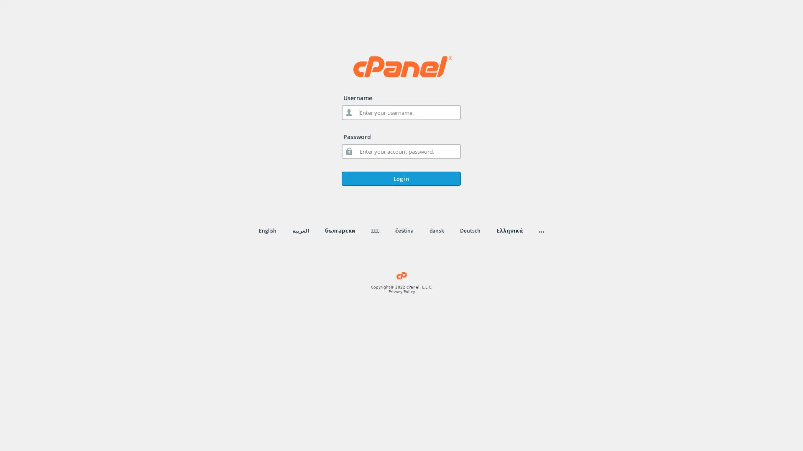 Image resolution: width=803 pixels, height=451 pixels. What do you see at coordinates (401, 178) in the screenshot?
I see `Log in` at bounding box center [401, 178].